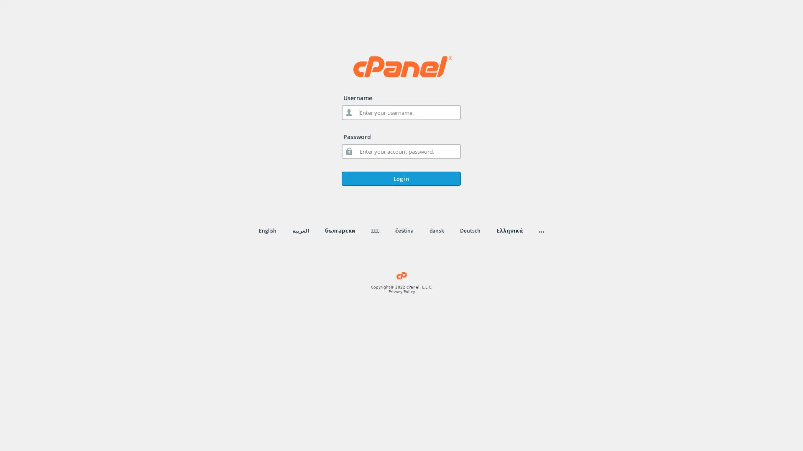 Image resolution: width=803 pixels, height=451 pixels. What do you see at coordinates (401, 178) in the screenshot?
I see `Log in` at bounding box center [401, 178].